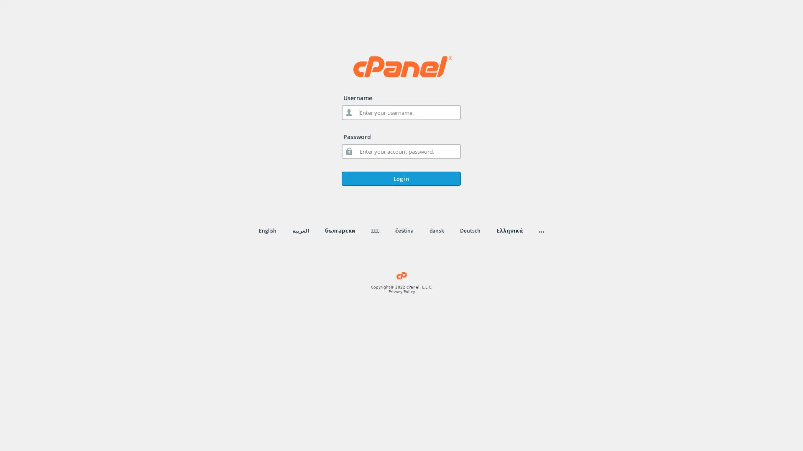 Image resolution: width=803 pixels, height=451 pixels. What do you see at coordinates (401, 178) in the screenshot?
I see `Log in` at bounding box center [401, 178].